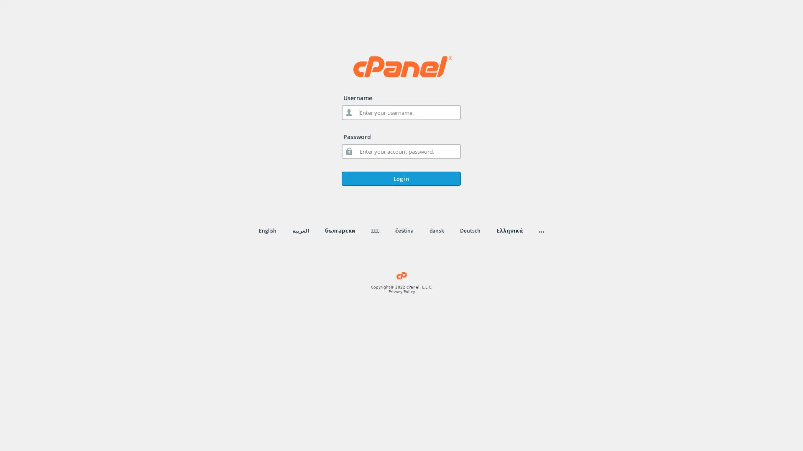 Image resolution: width=803 pixels, height=451 pixels. What do you see at coordinates (401, 178) in the screenshot?
I see `Log in` at bounding box center [401, 178].